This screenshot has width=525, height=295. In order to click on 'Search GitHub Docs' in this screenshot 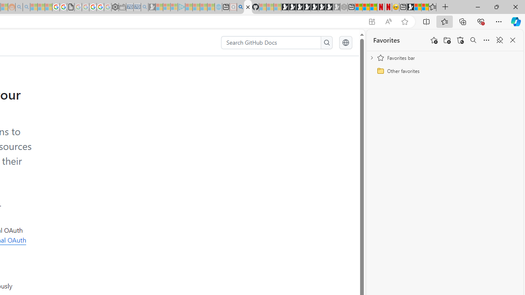, I will do `click(271, 43)`.